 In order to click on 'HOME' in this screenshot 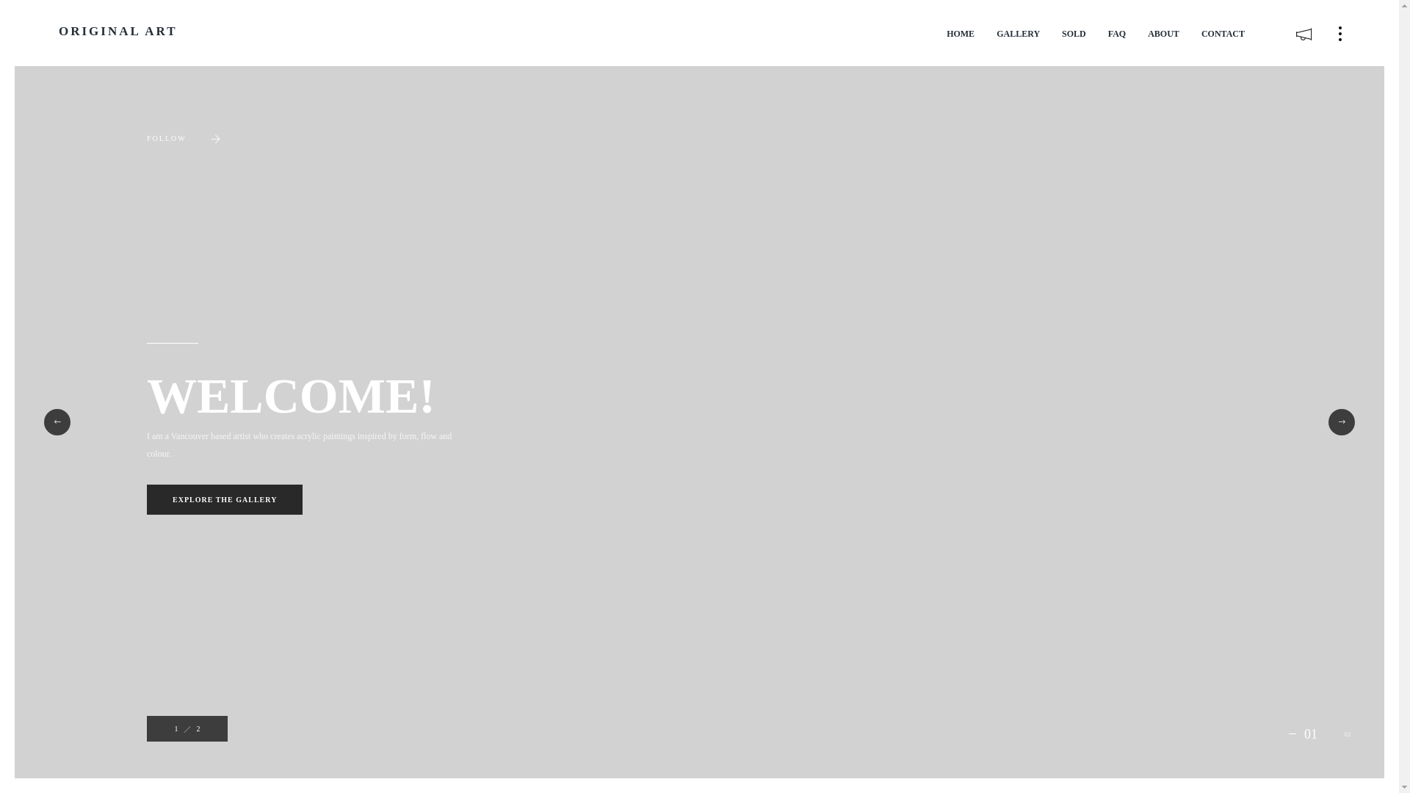, I will do `click(961, 33)`.